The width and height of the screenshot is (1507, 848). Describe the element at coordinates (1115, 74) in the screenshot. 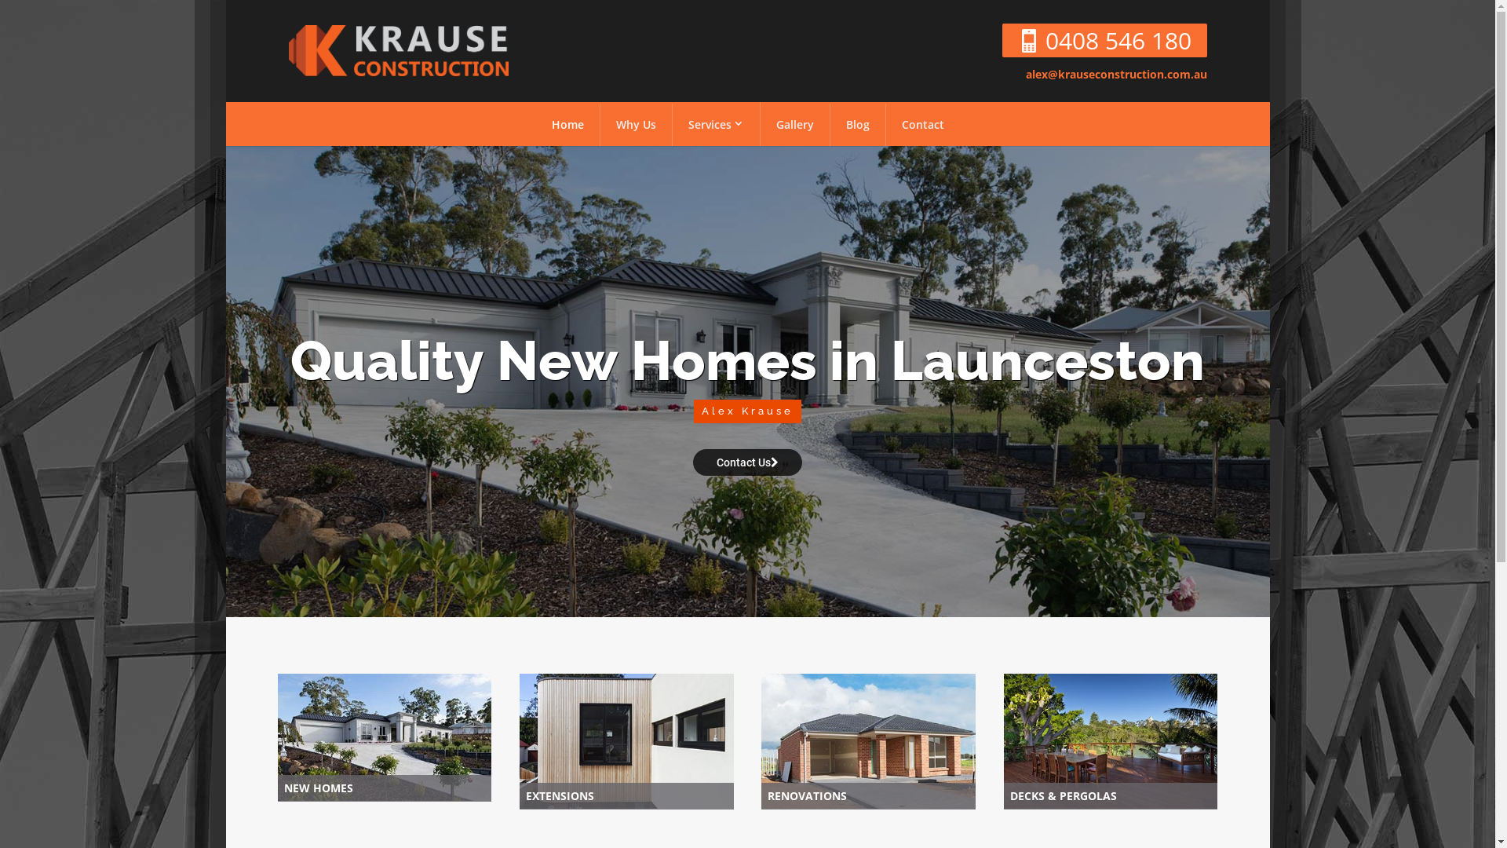

I see `'alex@krauseconstruction.com.au'` at that location.